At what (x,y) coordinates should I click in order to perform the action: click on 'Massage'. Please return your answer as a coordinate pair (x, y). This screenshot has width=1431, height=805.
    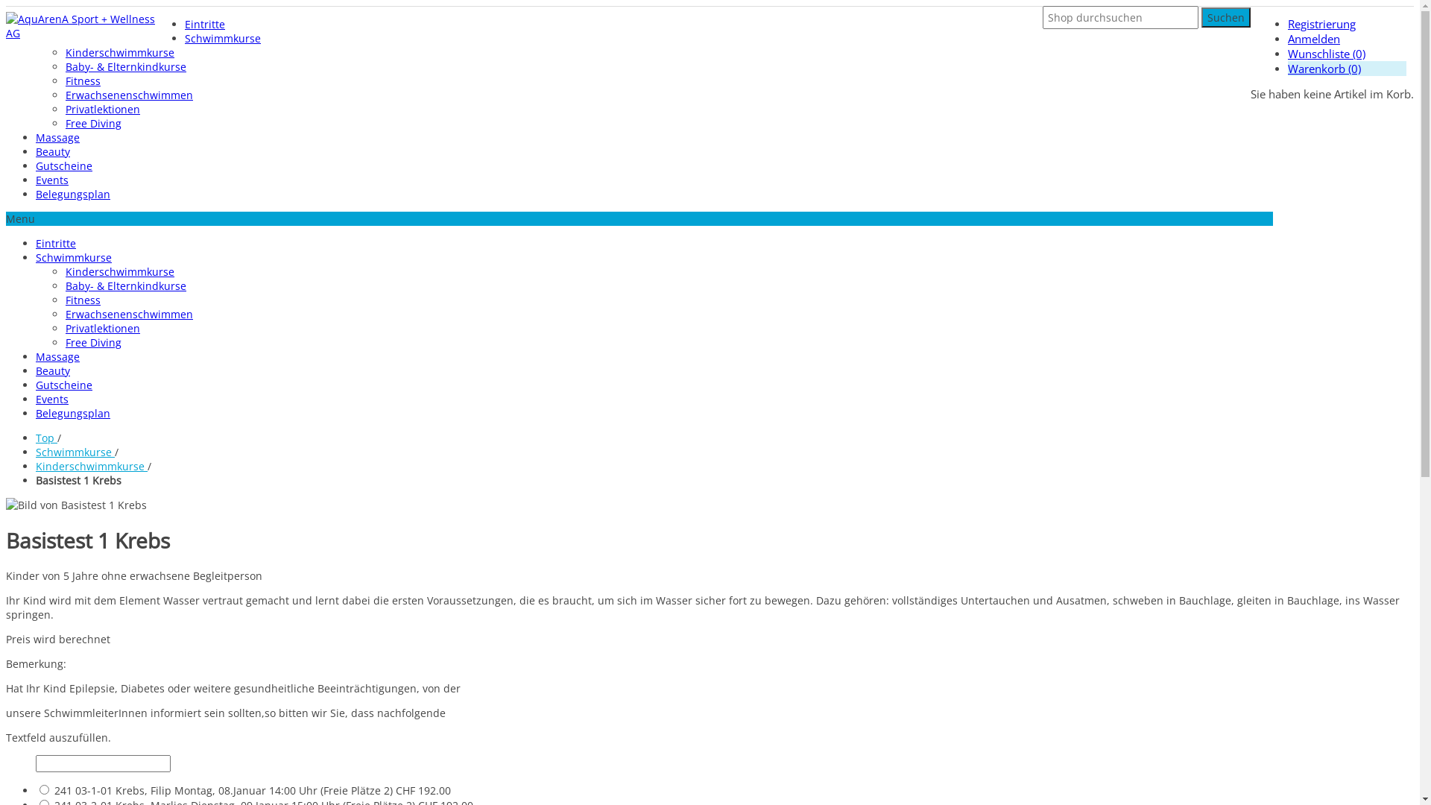
    Looking at the image, I should click on (57, 137).